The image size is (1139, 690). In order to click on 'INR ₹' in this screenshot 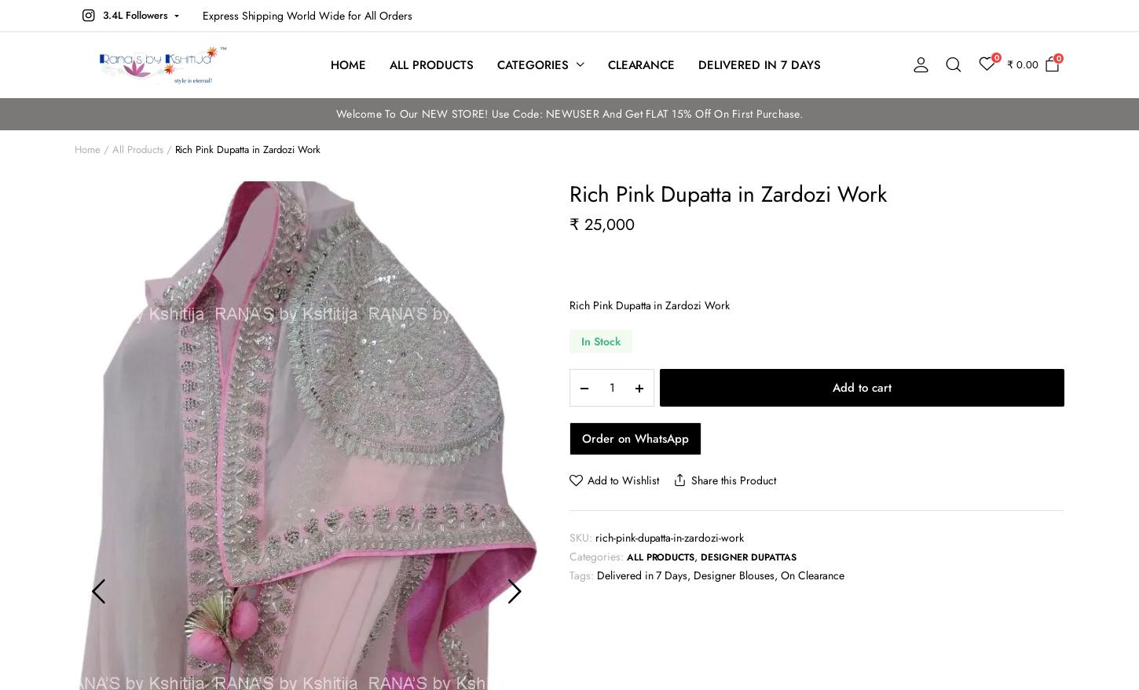, I will do `click(1108, 120)`.